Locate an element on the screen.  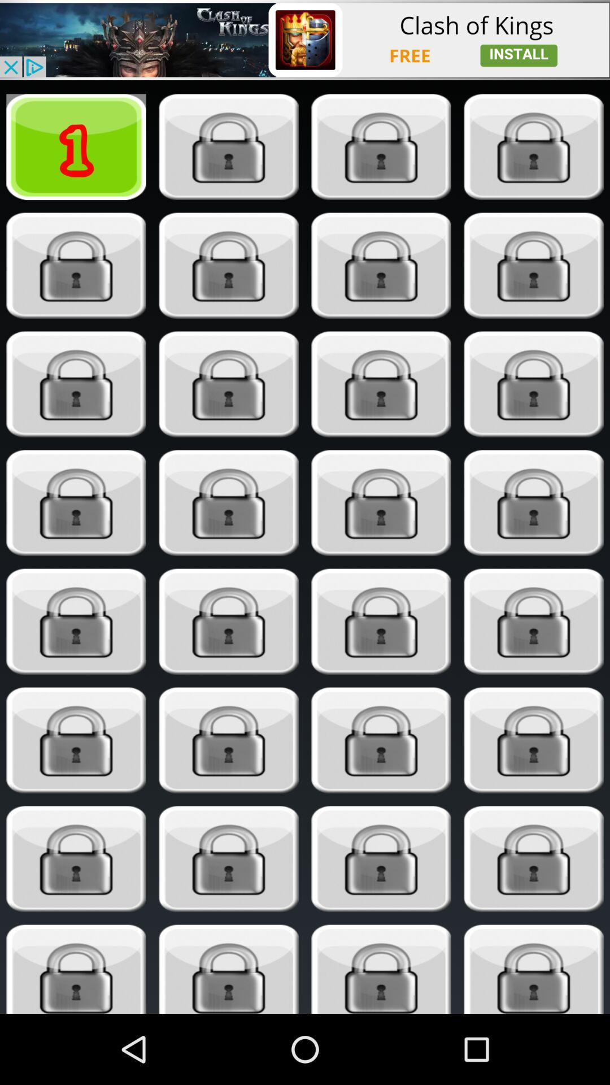
locked level is located at coordinates (76, 859).